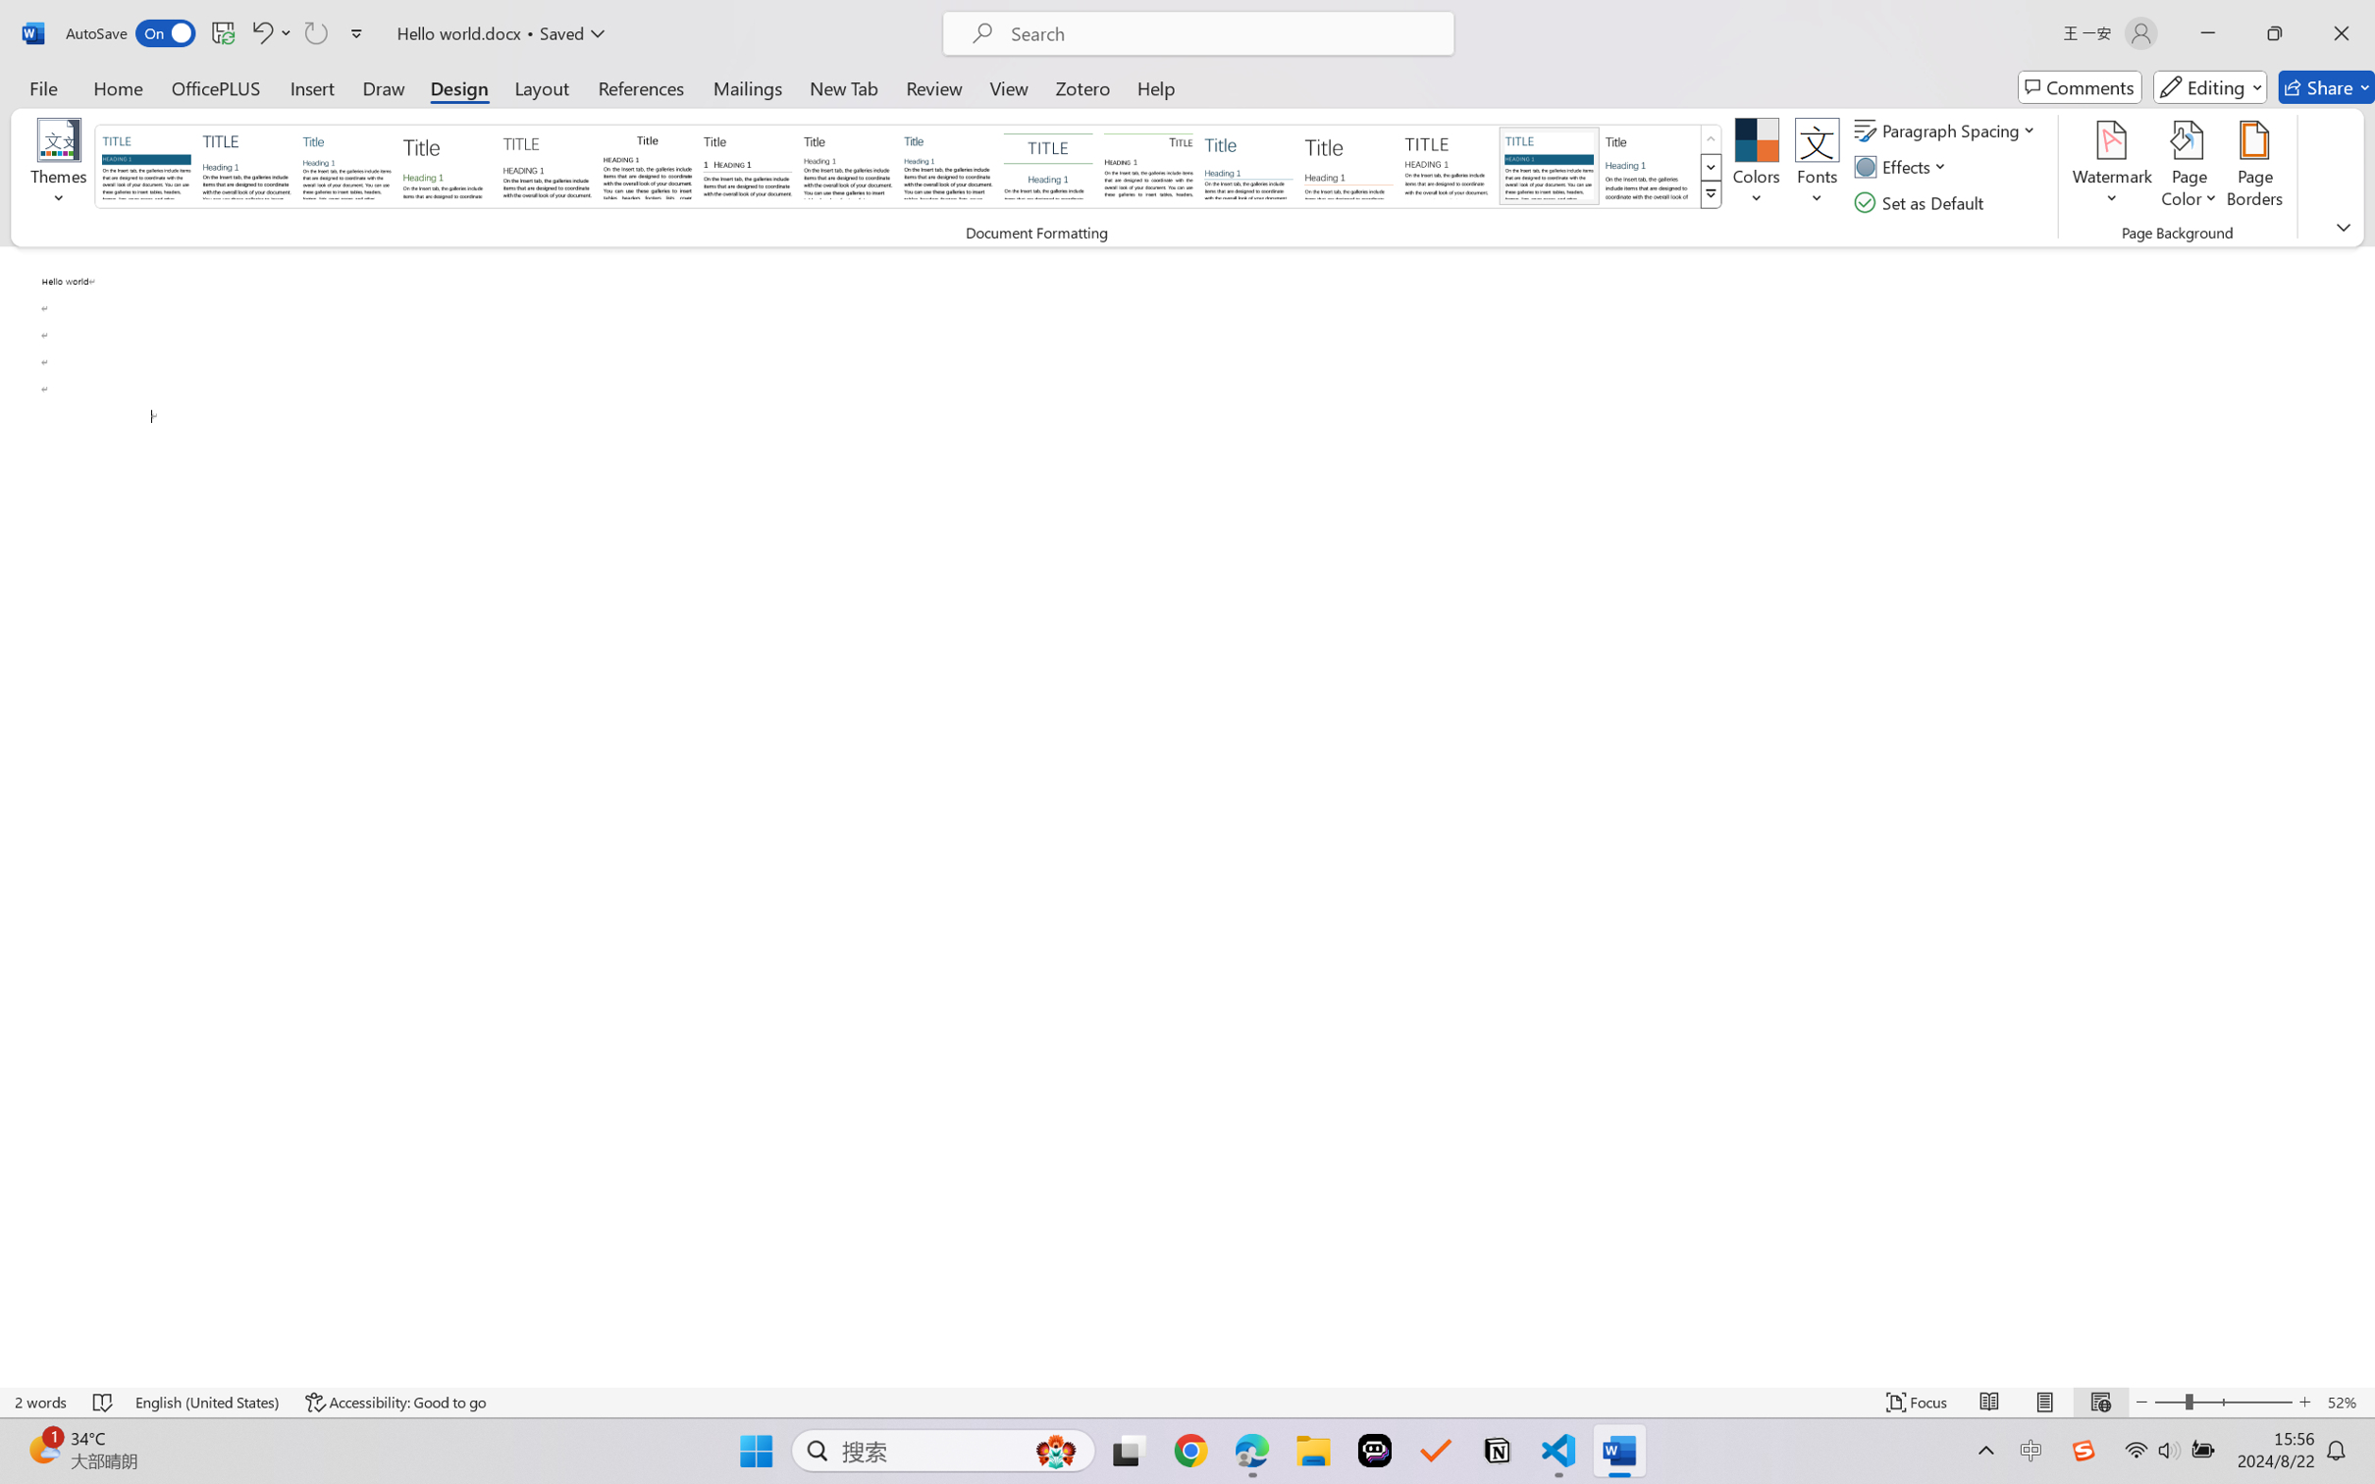 The height and width of the screenshot is (1484, 2375). Describe the element at coordinates (1056, 1451) in the screenshot. I see `'AutomationID: DynamicSearchBoxGleamImage'` at that location.